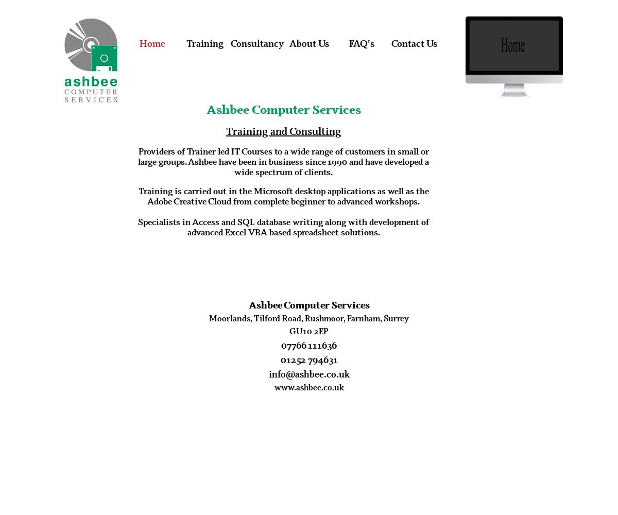 This screenshot has height=515, width=618. What do you see at coordinates (309, 43) in the screenshot?
I see `'About Us'` at bounding box center [309, 43].